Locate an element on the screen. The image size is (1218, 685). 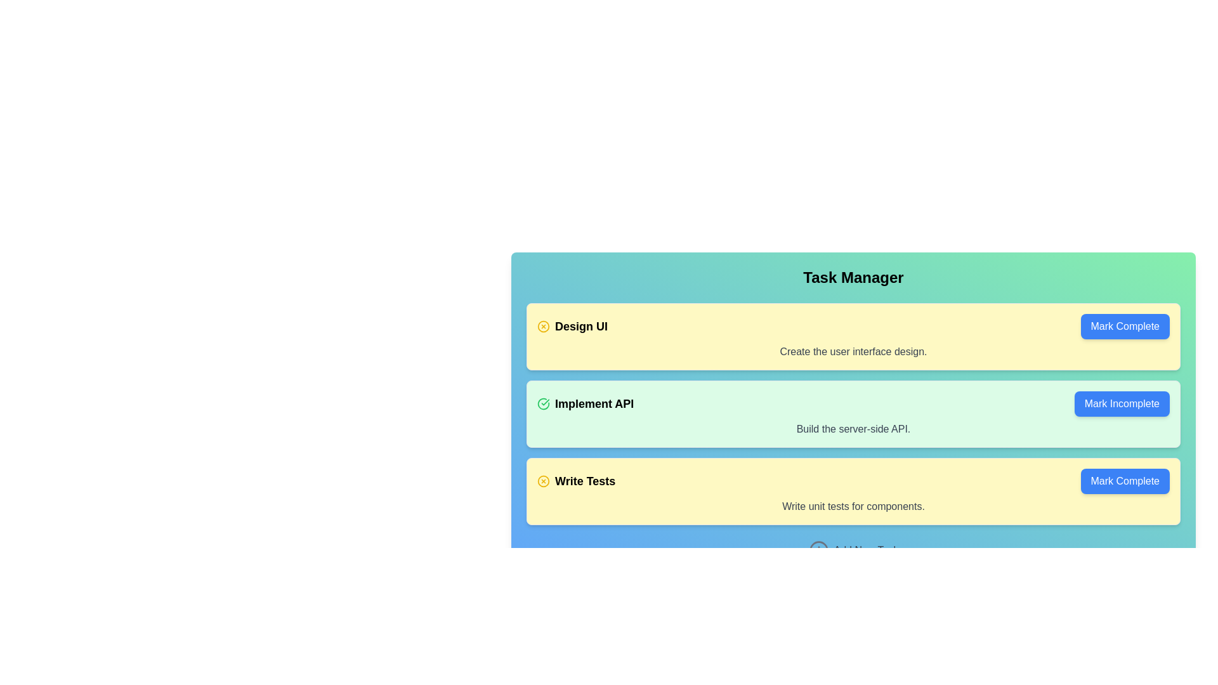
the green circular checkmark icon indicating completion, located in the 'Implement API' task row is located at coordinates (544, 403).